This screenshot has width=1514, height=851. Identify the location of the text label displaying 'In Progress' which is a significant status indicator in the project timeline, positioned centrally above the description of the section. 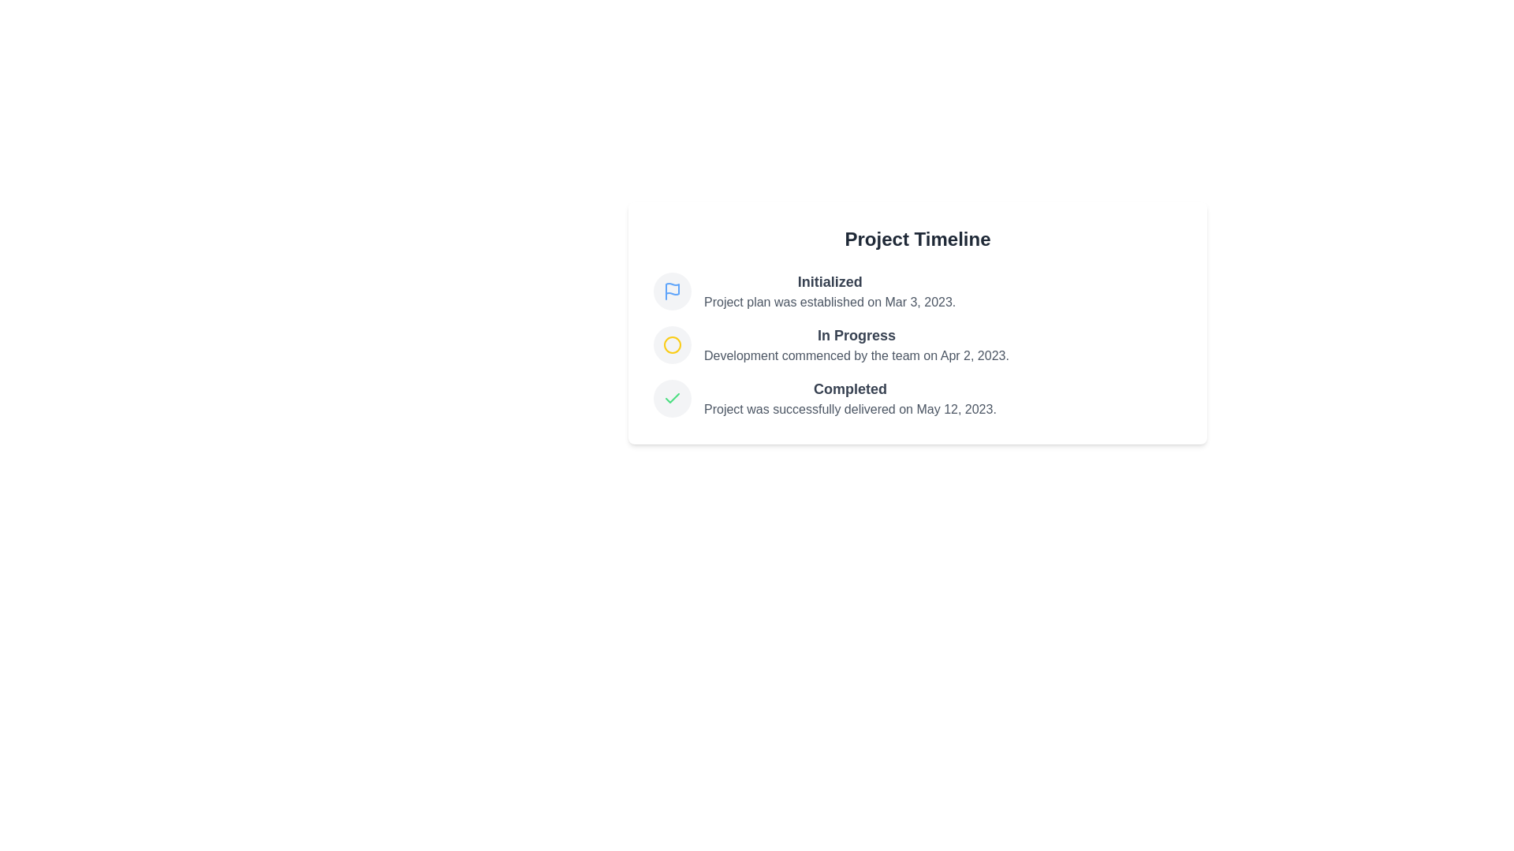
(856, 334).